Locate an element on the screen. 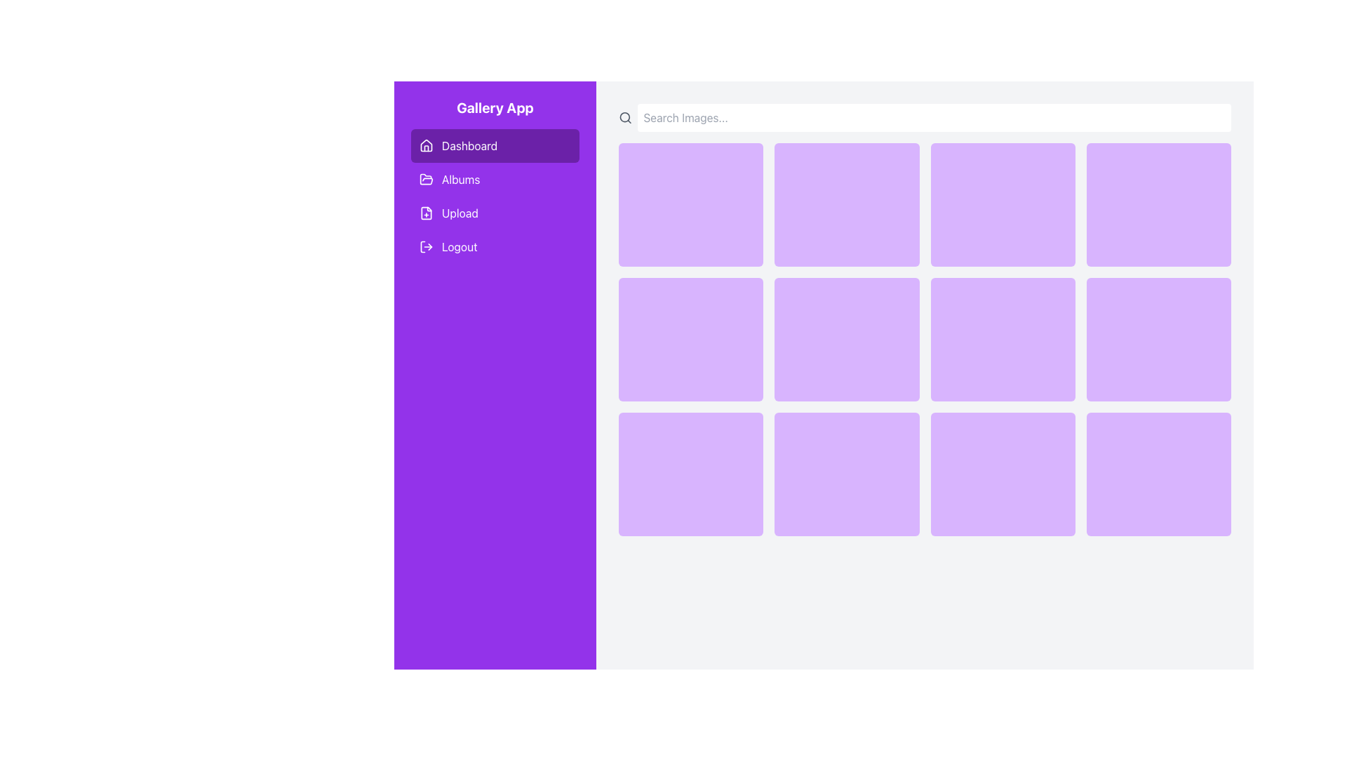 The image size is (1347, 758). the second block in the second row of a 4x3 grid, which is a rectangular block with rounded corners and a purple background that darkens on hover is located at coordinates (846, 339).